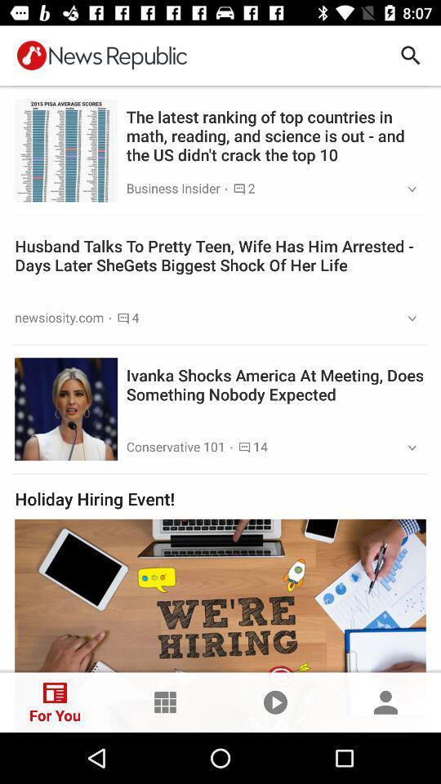 The image size is (441, 784). Describe the element at coordinates (65, 408) in the screenshot. I see `tap on the second image from the top of the page` at that location.